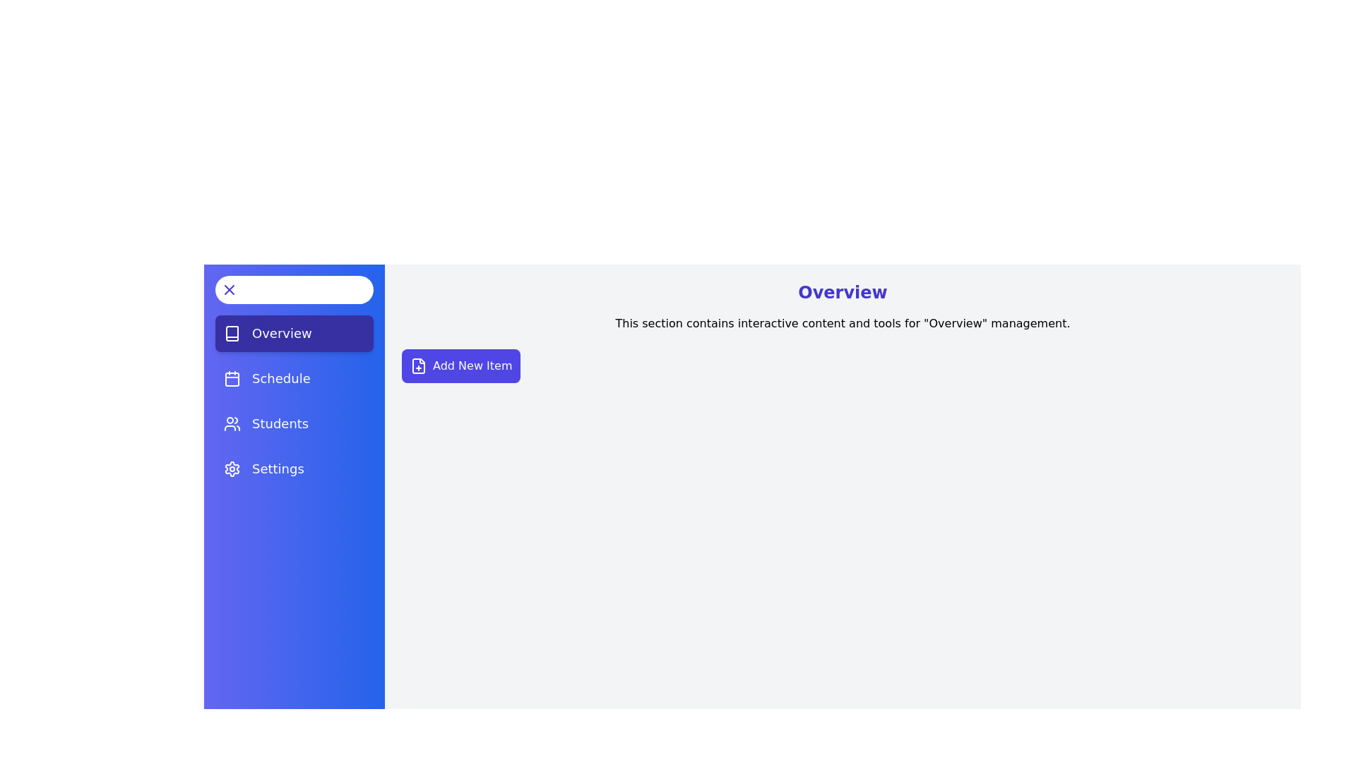 The image size is (1356, 762). I want to click on the section Settings from the navigation drawer, so click(294, 468).